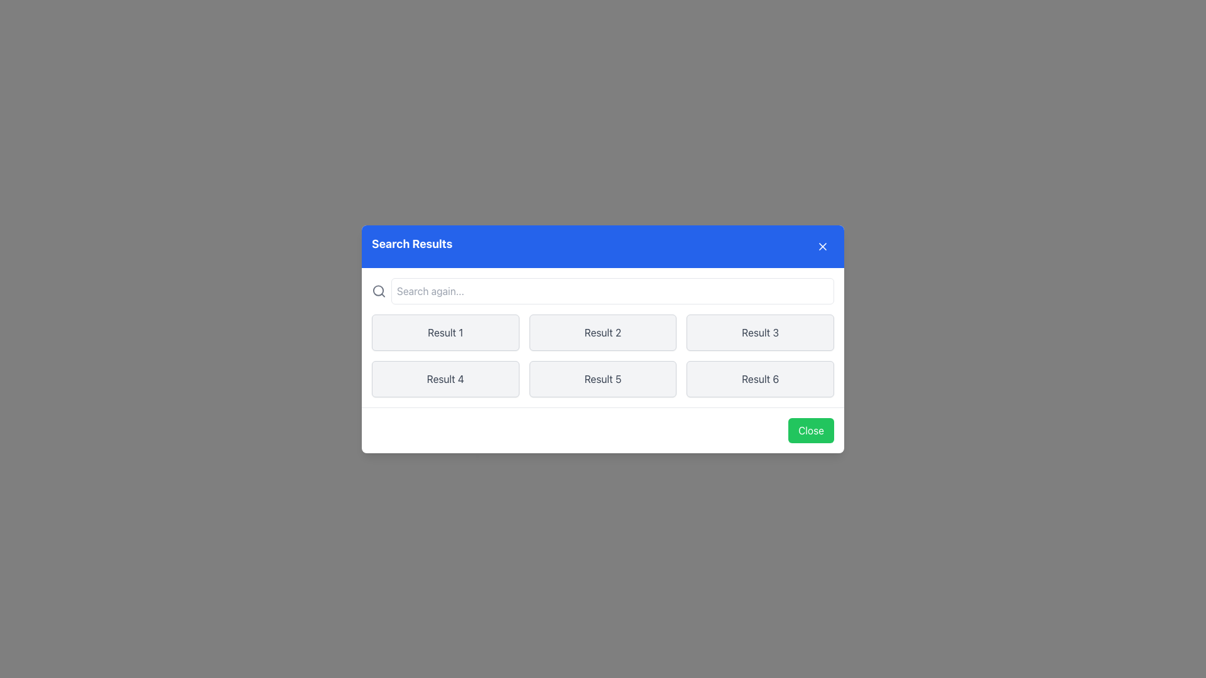 This screenshot has width=1206, height=678. Describe the element at coordinates (759, 331) in the screenshot. I see `the 'Result 3' button, which is styled with a gray font and light gray background` at that location.